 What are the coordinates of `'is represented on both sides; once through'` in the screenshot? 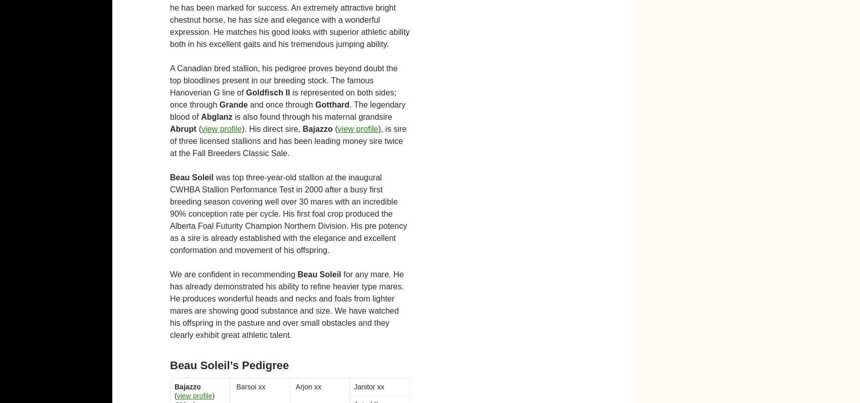 It's located at (282, 98).